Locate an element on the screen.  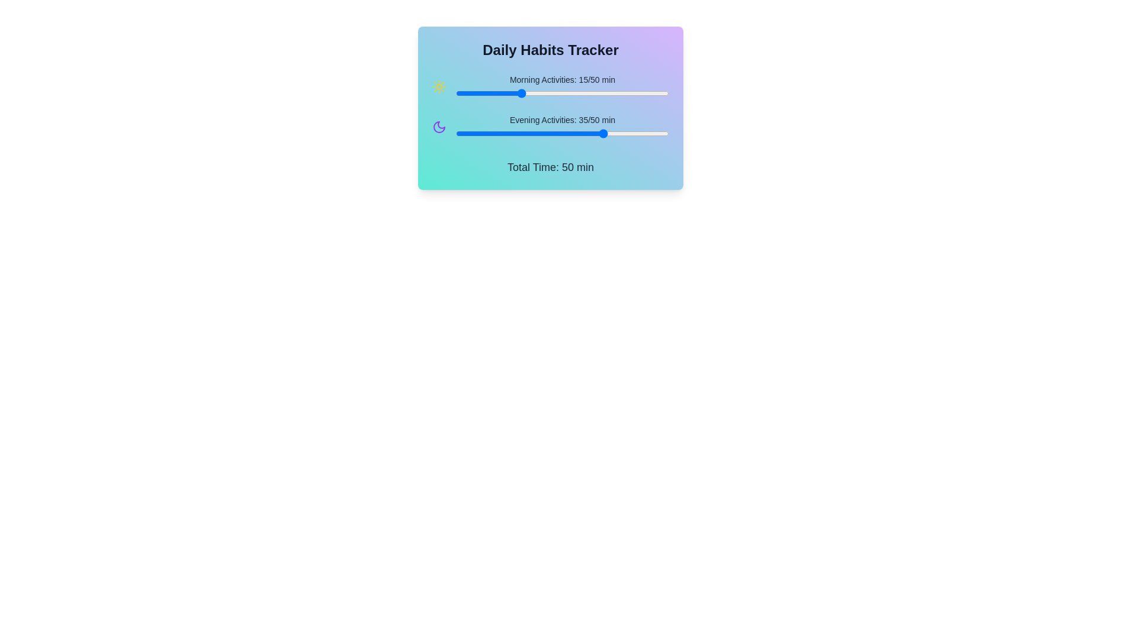
the 'Morning Activities' slider is located at coordinates (583, 93).